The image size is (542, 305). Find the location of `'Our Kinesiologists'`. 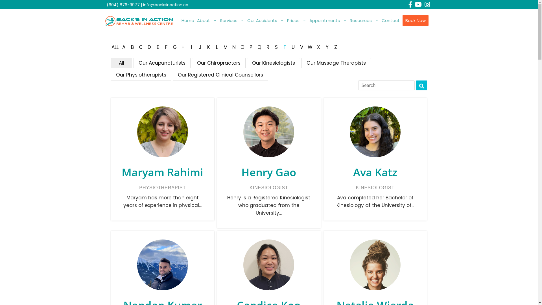

'Our Kinesiologists' is located at coordinates (273, 63).